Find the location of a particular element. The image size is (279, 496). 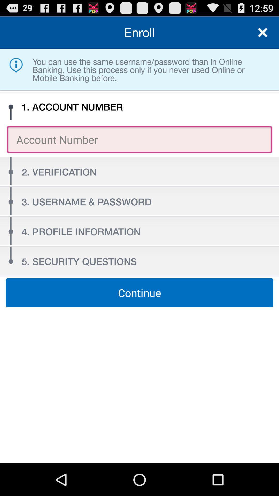

the enroll icon is located at coordinates (139, 32).